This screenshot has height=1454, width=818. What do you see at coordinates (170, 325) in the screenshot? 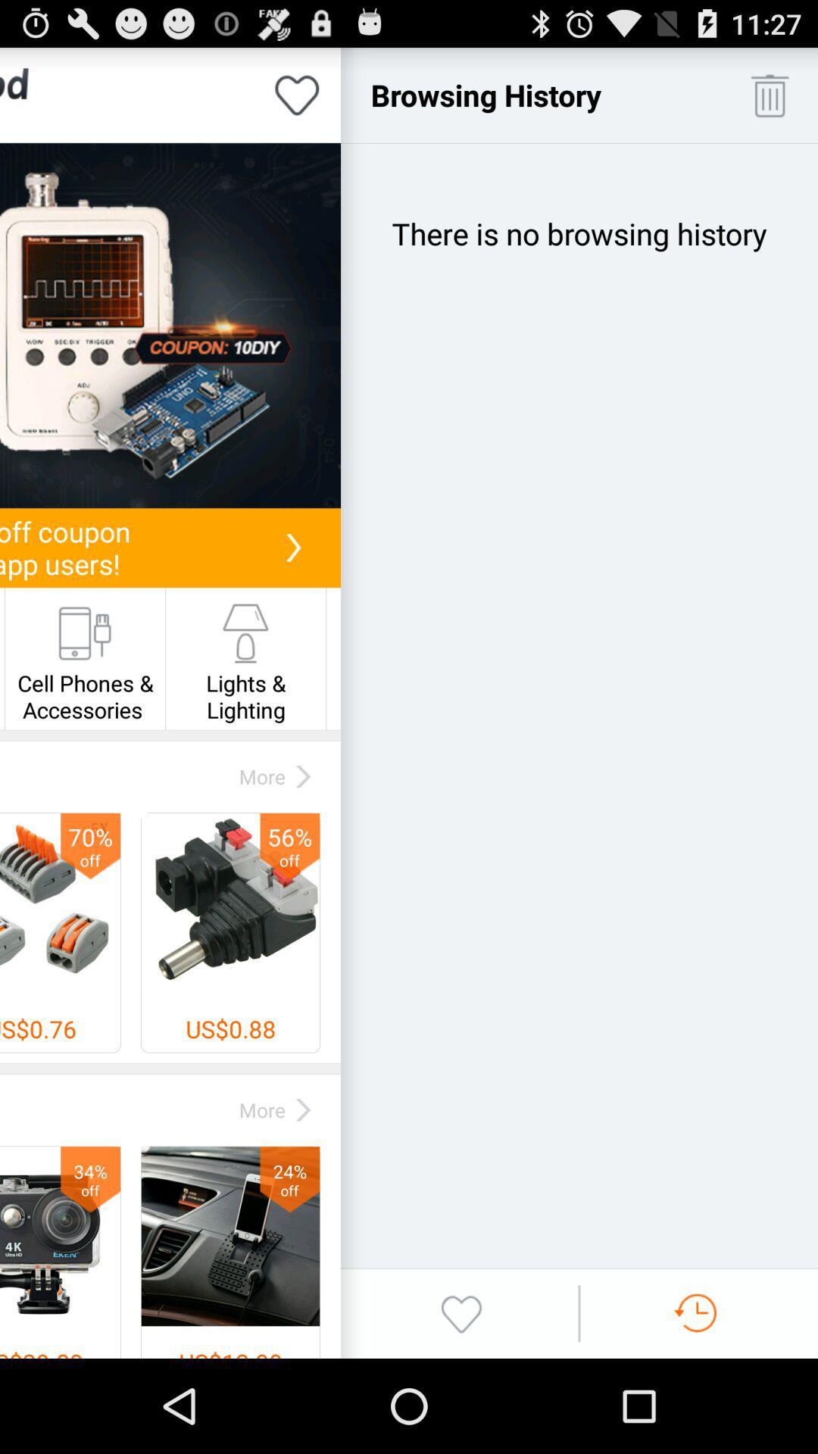
I see `get coupon` at bounding box center [170, 325].